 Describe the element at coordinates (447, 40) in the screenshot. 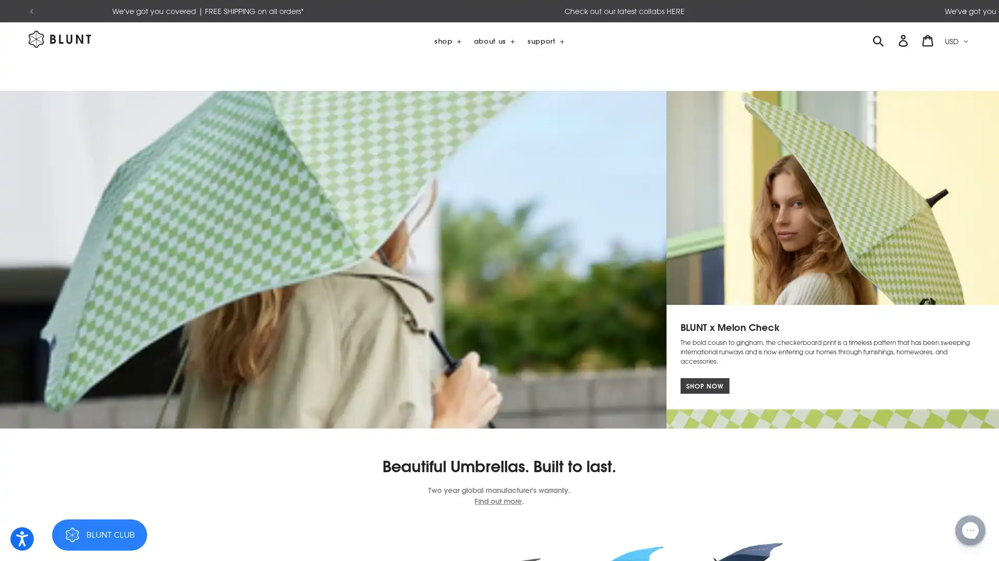

I see `shop` at that location.